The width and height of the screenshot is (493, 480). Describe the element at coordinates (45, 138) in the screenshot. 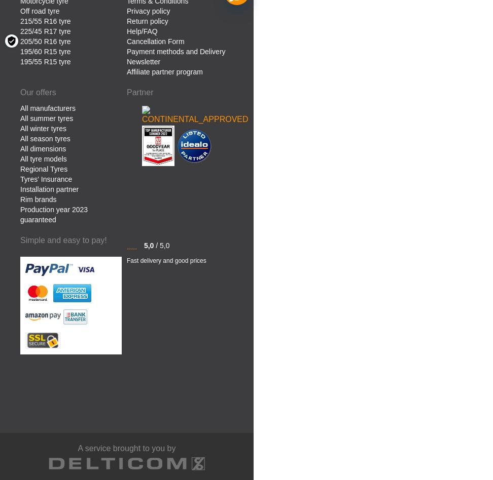

I see `'All season tyres'` at that location.